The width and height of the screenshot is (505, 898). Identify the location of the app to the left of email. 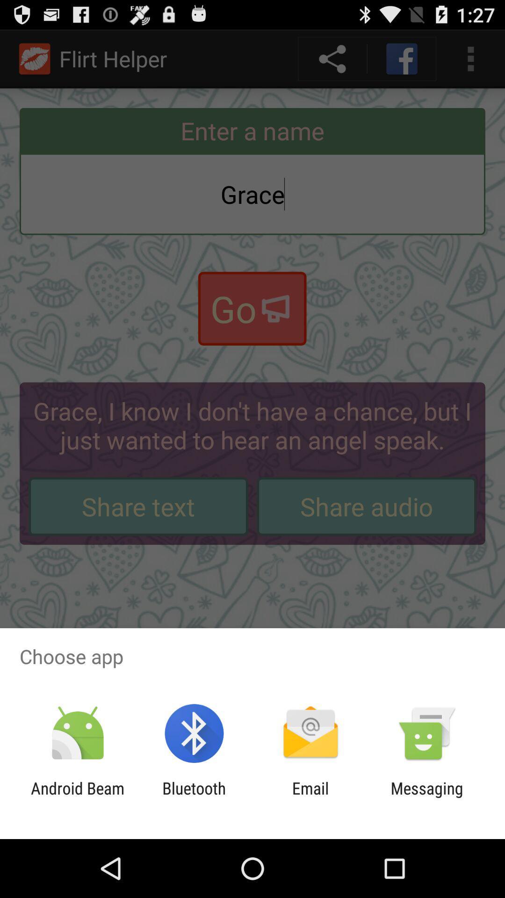
(194, 797).